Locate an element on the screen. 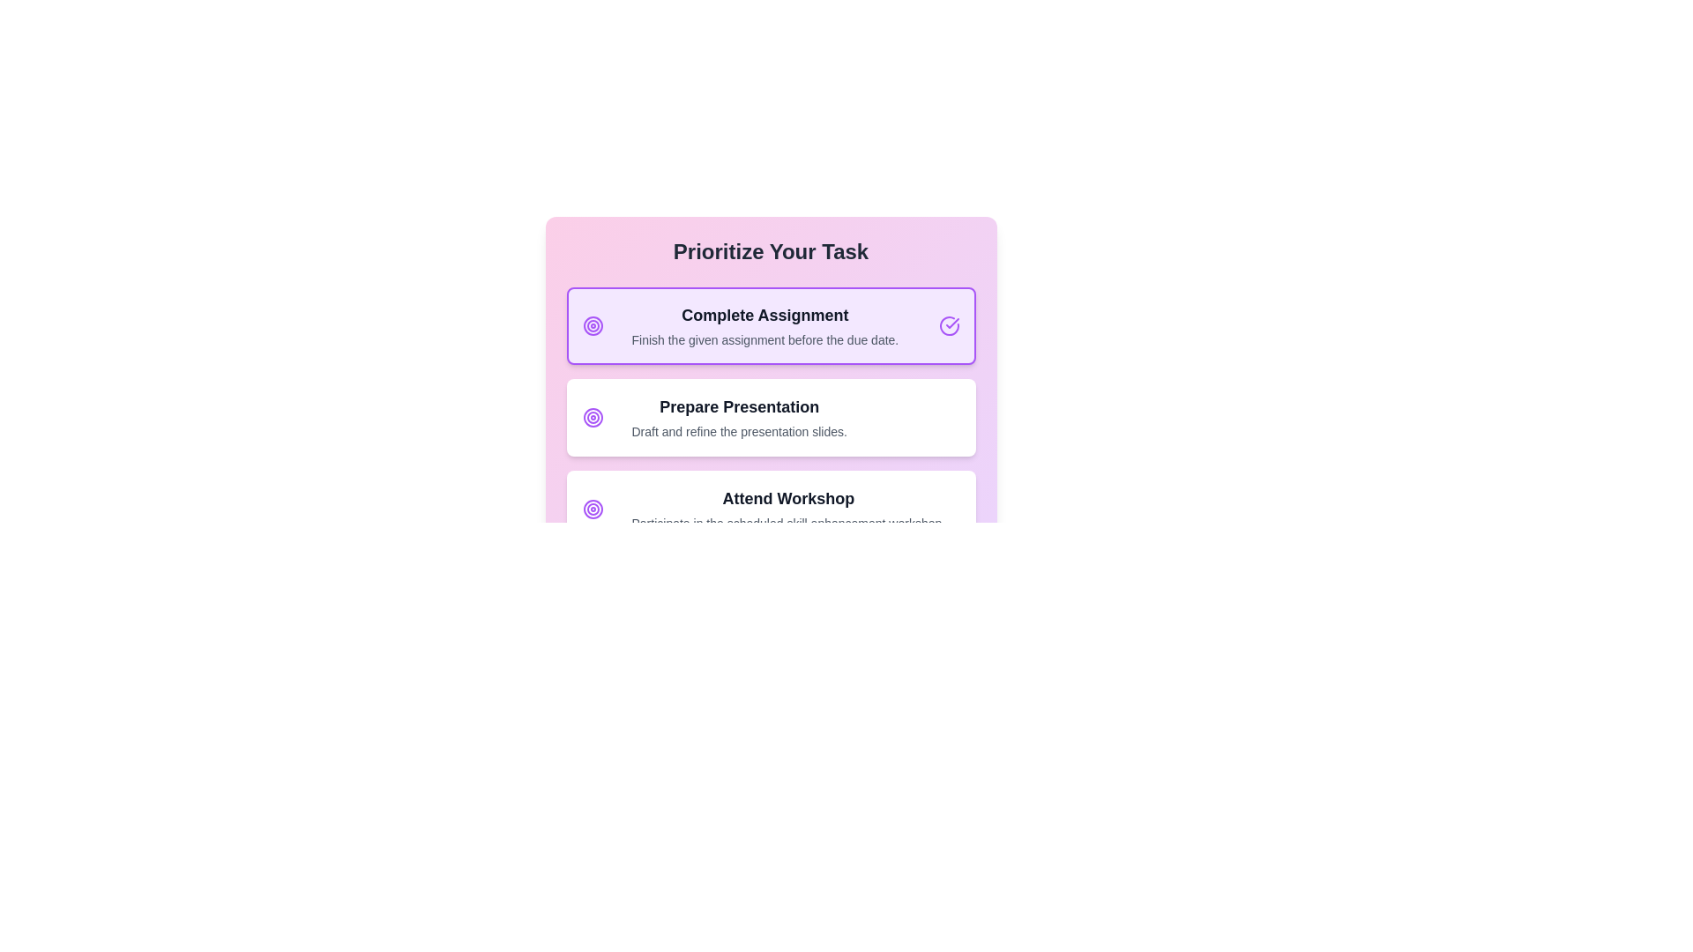 Image resolution: width=1693 pixels, height=952 pixels. displayed text from the third Informational card in the vertical list of task cards, located between 'Prepare Presentation' and any potential lower elements is located at coordinates (787, 509).